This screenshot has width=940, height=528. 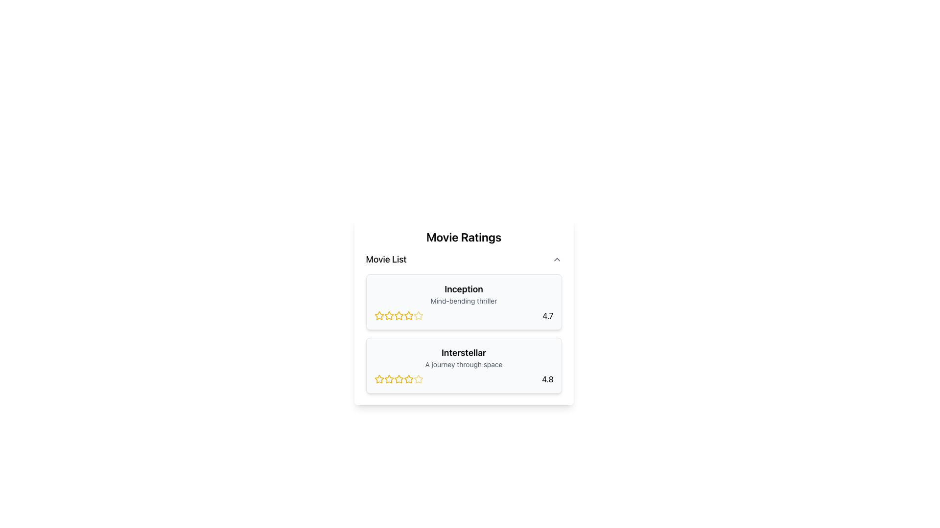 I want to click on the fourth yellow star icon in the rating component for the 'Interstellar' movie, so click(x=418, y=378).